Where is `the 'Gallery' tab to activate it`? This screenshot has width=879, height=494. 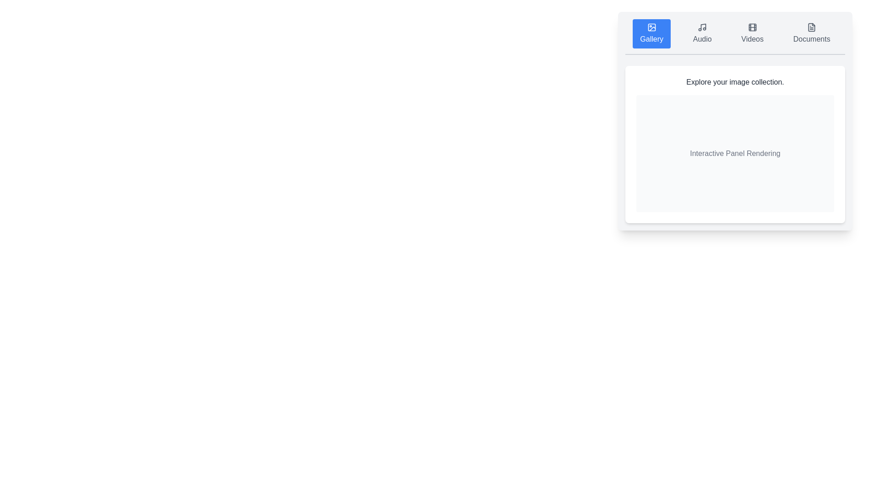
the 'Gallery' tab to activate it is located at coordinates (651, 33).